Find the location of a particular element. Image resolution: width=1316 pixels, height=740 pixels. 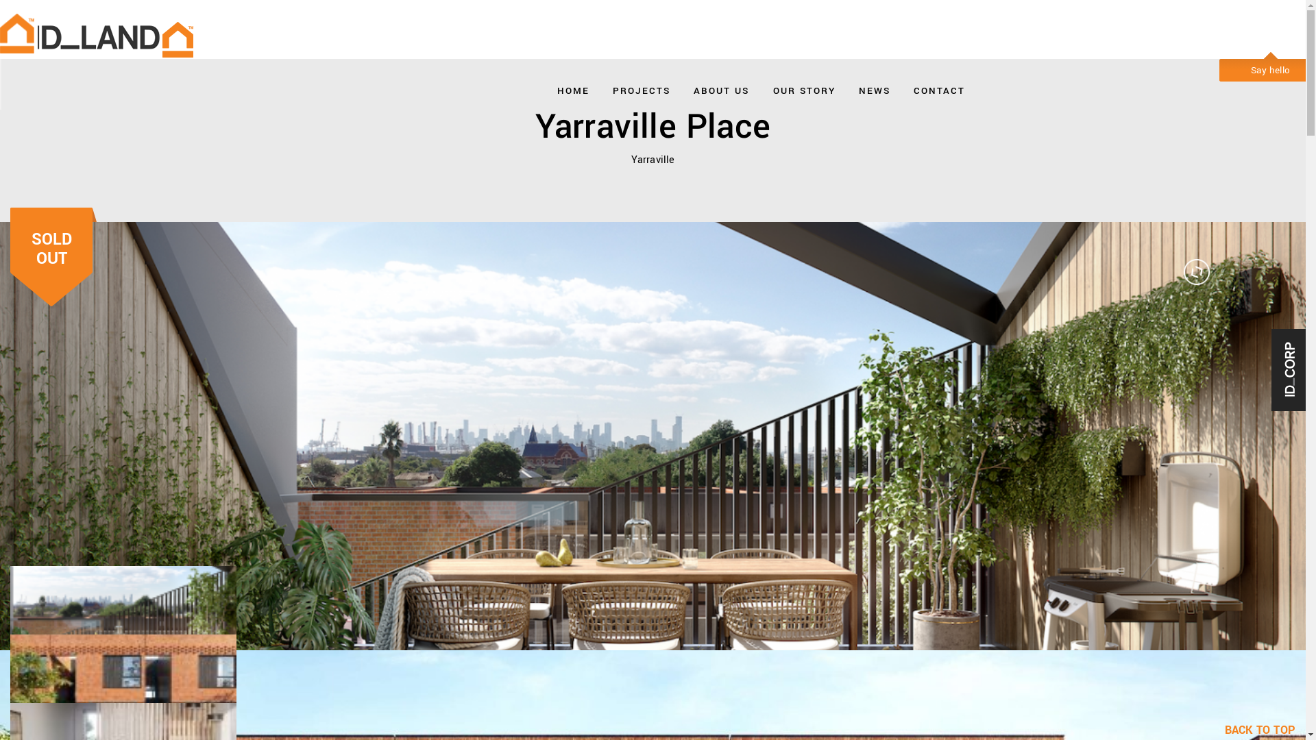

'PROJECTS' is located at coordinates (641, 87).